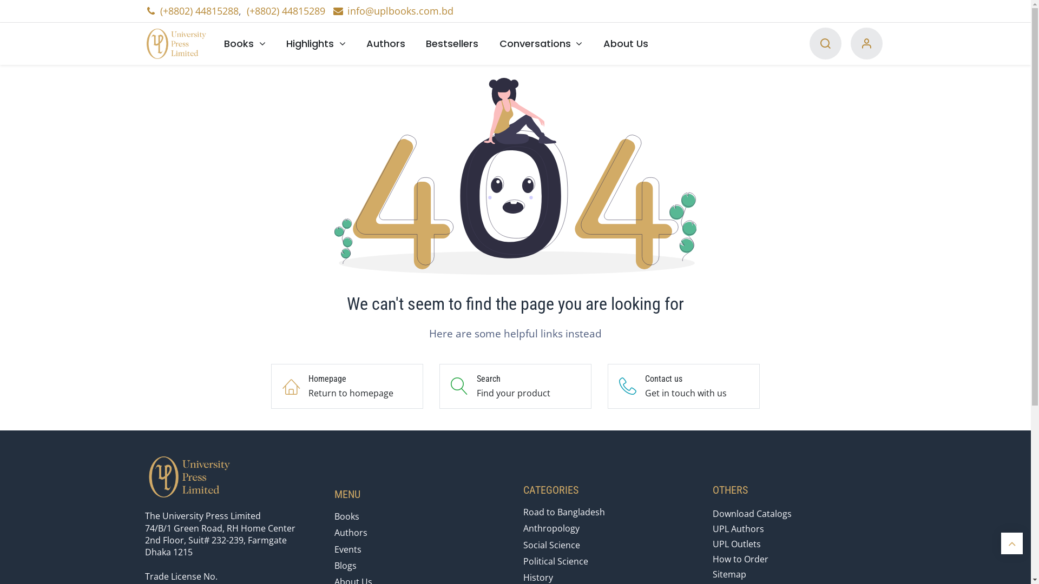  What do you see at coordinates (179, 43) in the screenshot?
I see `'The University Press Limited'` at bounding box center [179, 43].